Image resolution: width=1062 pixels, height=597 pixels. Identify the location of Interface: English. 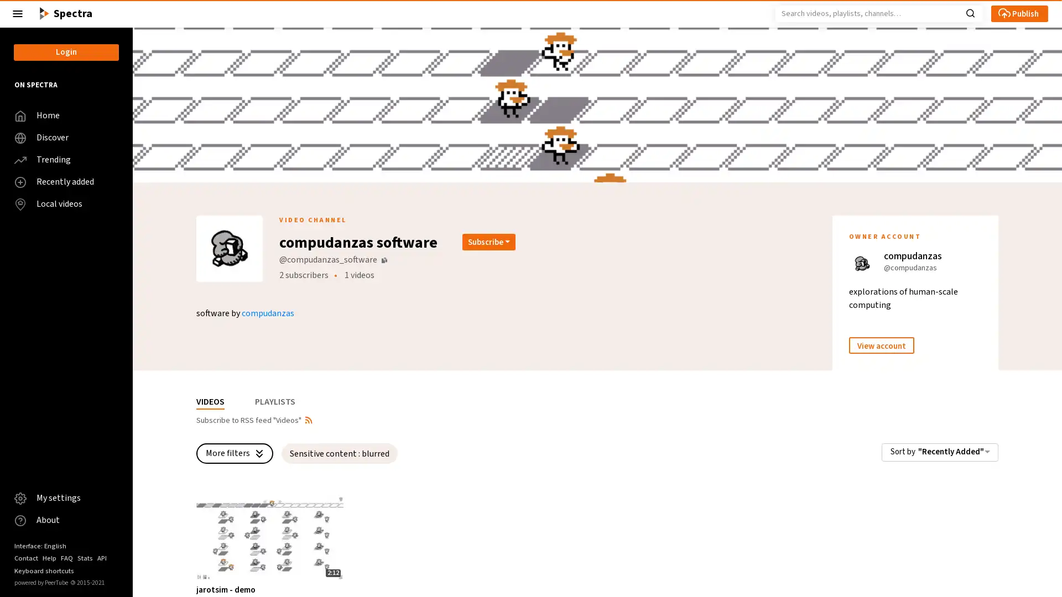
(40, 545).